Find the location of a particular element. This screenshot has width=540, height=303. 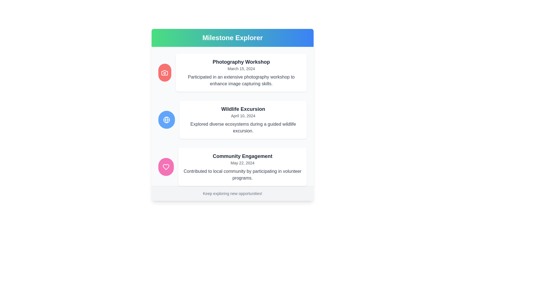

the globe icon, which is the second circular icon in a vertical sequence on the left side of the interface is located at coordinates (166, 120).